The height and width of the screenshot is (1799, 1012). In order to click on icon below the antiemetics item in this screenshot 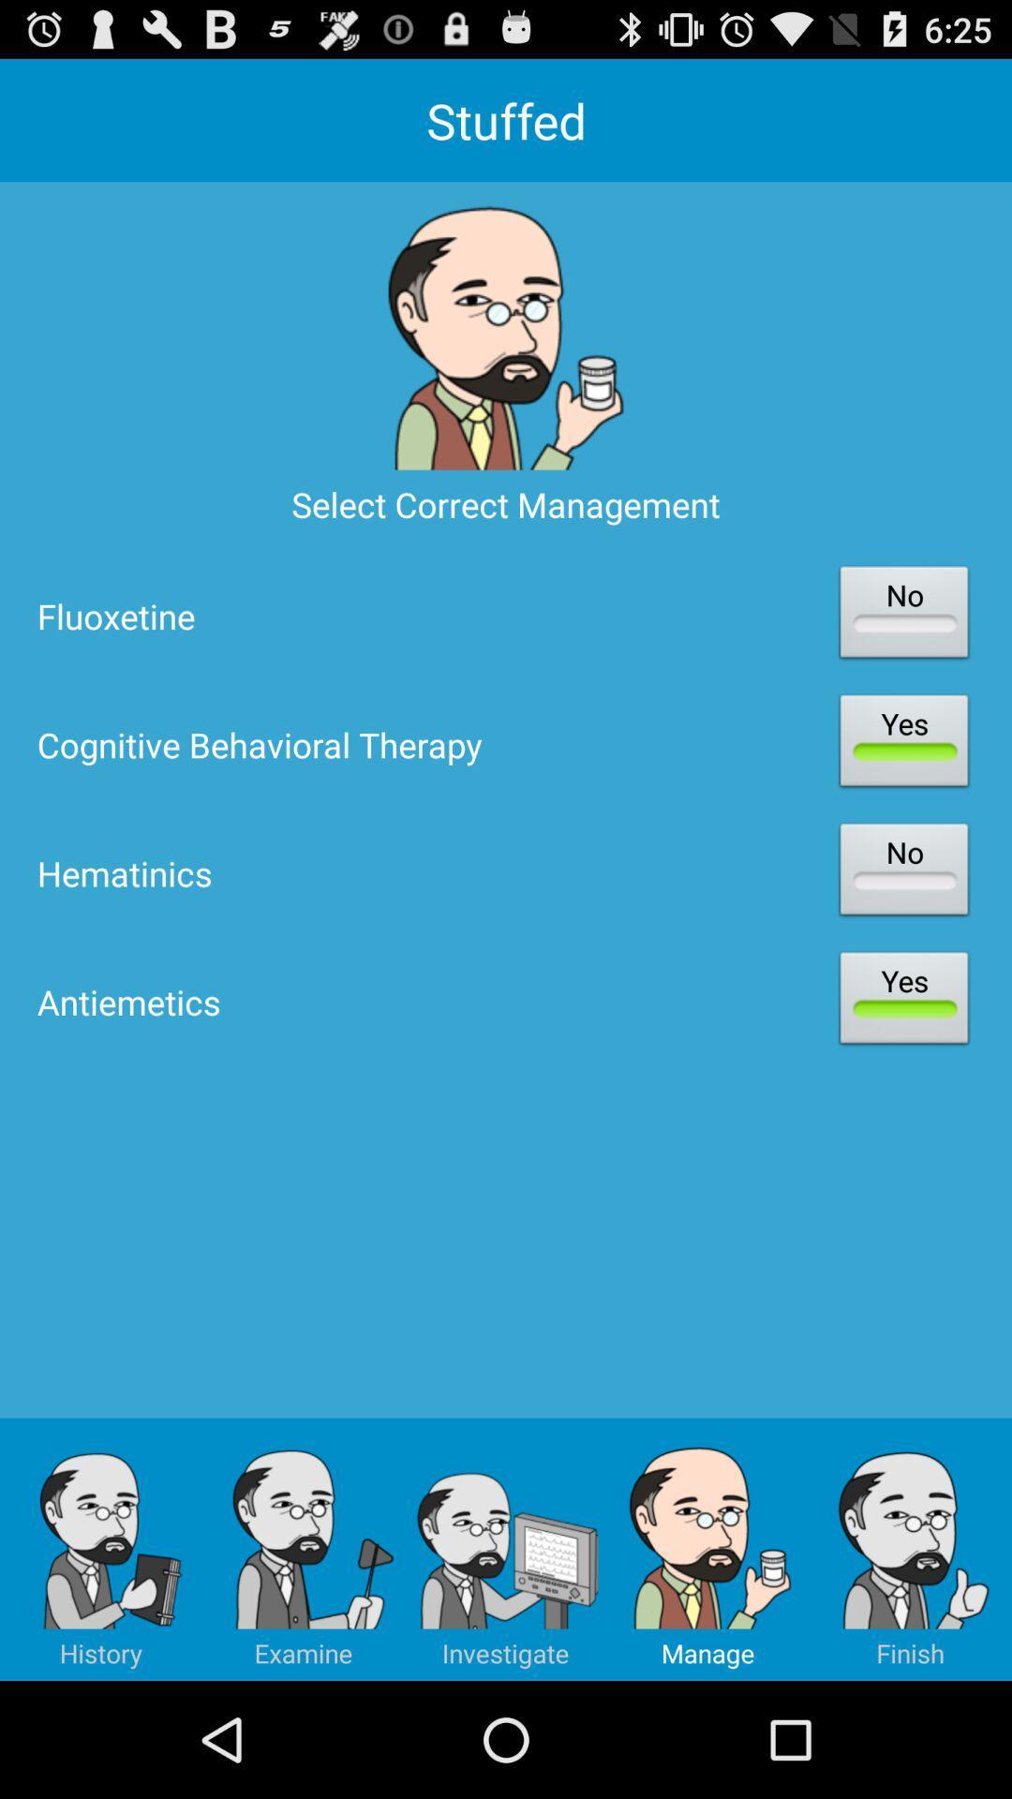, I will do `click(303, 1549)`.